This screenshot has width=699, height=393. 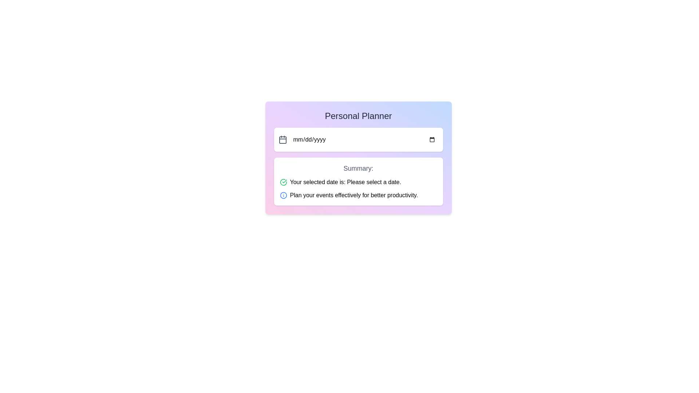 I want to click on the text label component that provides helpful suggestions related to planning events, located beneath the text 'Summary:' and next to a small blue information icon, so click(x=354, y=195).